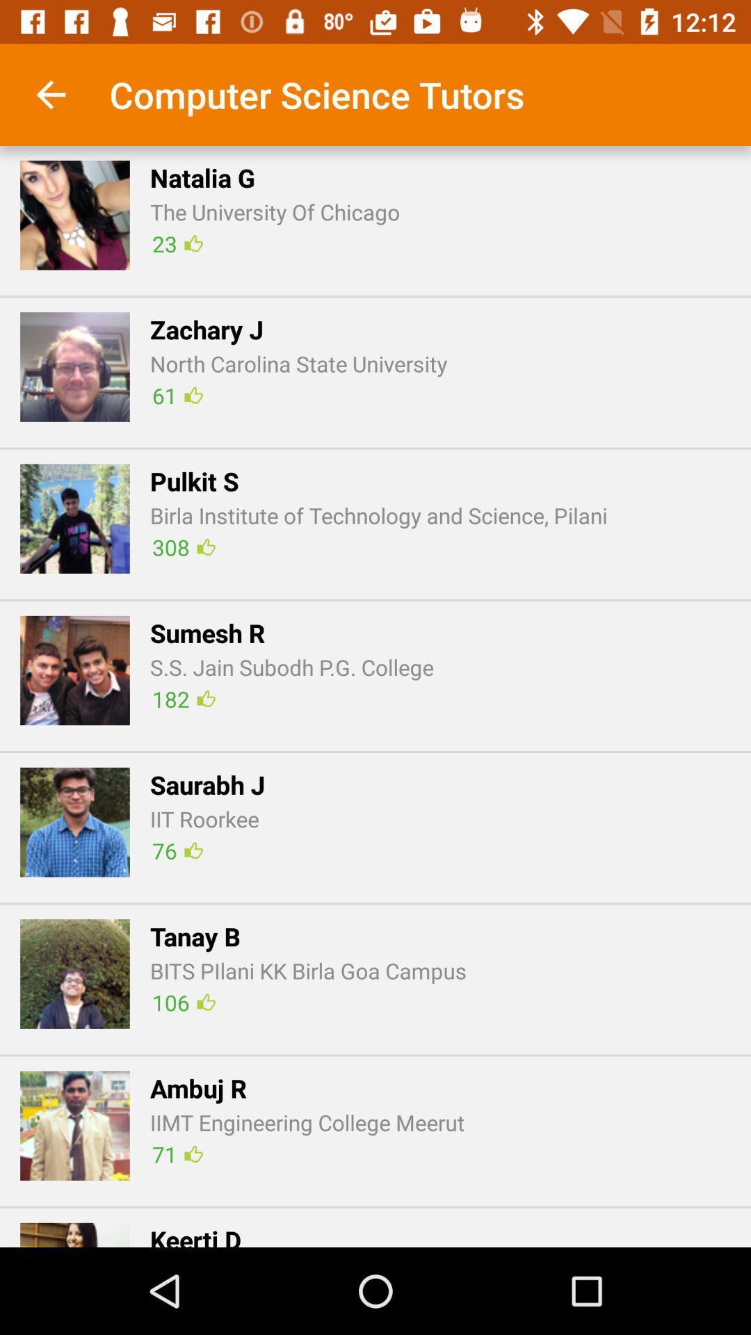  I want to click on the icon to the right of the a icon, so click(307, 1122).